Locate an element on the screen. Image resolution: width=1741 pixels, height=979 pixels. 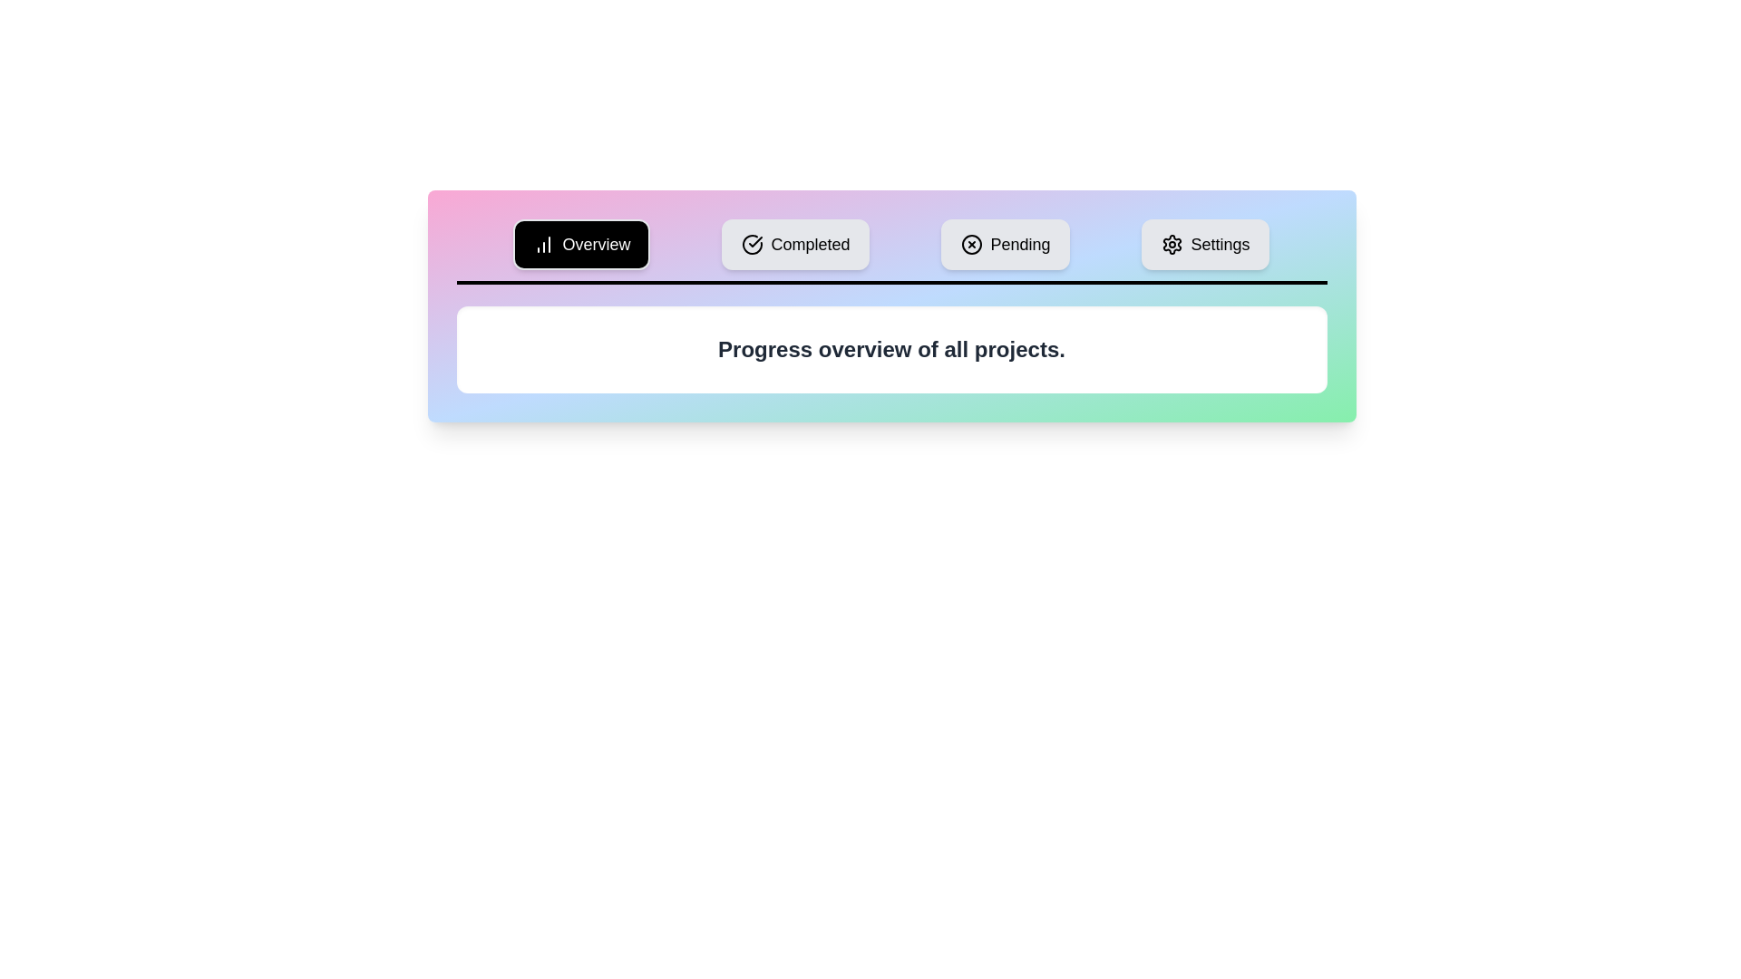
the Settings tab to view its content is located at coordinates (1205, 245).